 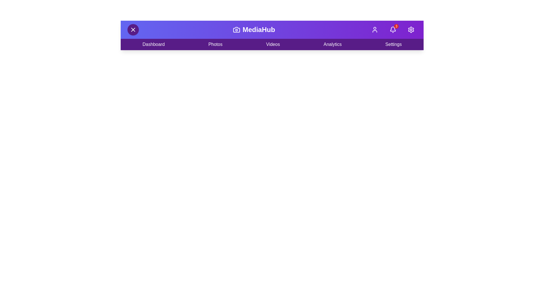 I want to click on the 'Photos' menu item in the navigation bar, so click(x=215, y=44).